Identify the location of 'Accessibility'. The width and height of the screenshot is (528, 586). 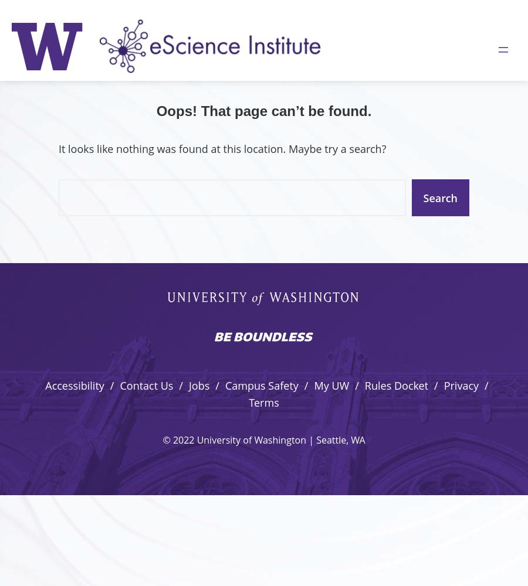
(74, 386).